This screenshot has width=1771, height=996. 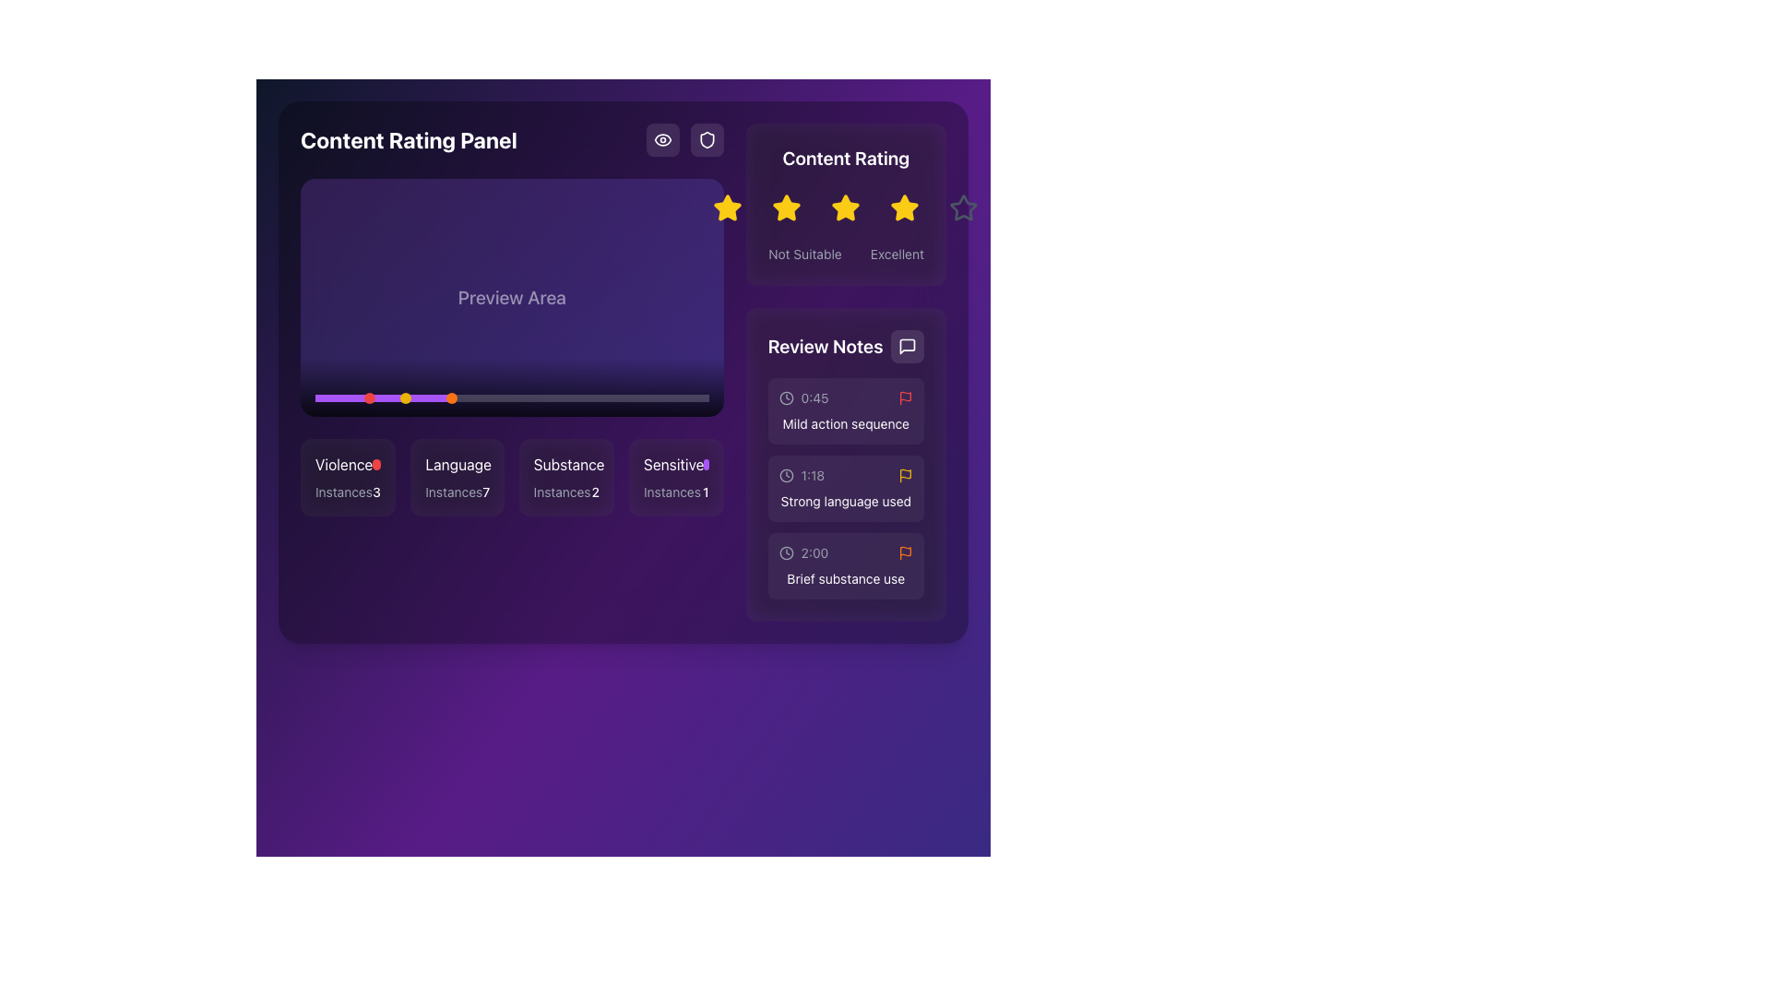 I want to click on the white numeral '1' displayed in bold on a dark purple background, located next to the 'Instances' text in the 'Sensitive' section, so click(x=705, y=491).